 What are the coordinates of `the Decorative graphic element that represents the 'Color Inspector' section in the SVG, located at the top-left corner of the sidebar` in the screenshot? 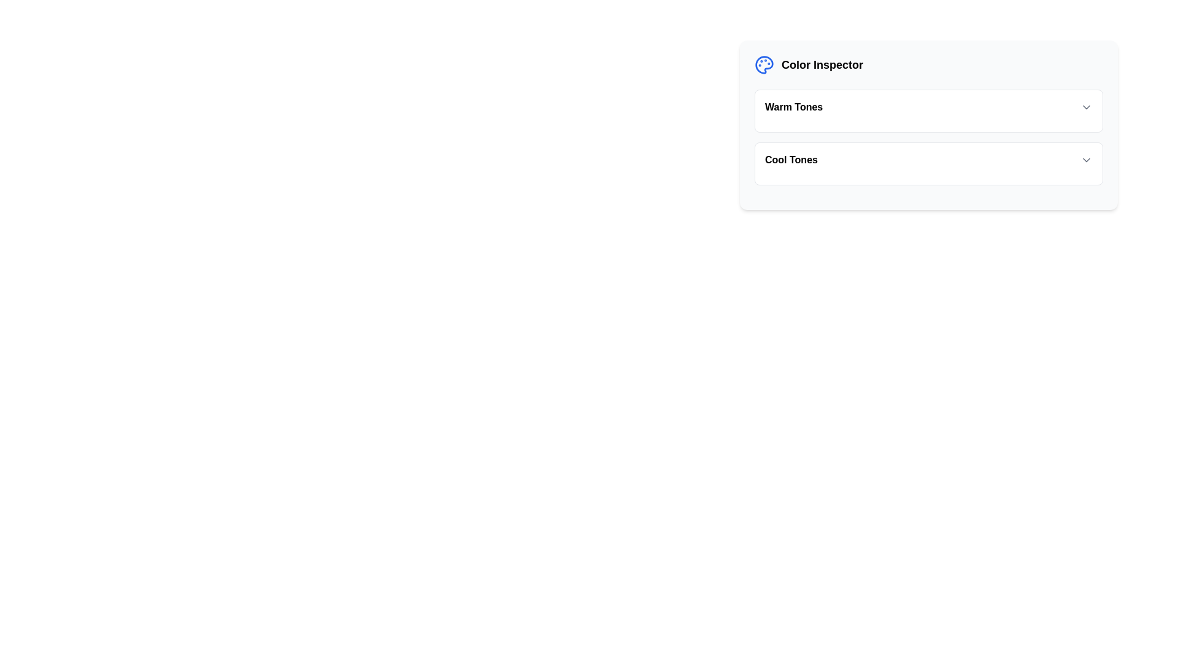 It's located at (764, 64).